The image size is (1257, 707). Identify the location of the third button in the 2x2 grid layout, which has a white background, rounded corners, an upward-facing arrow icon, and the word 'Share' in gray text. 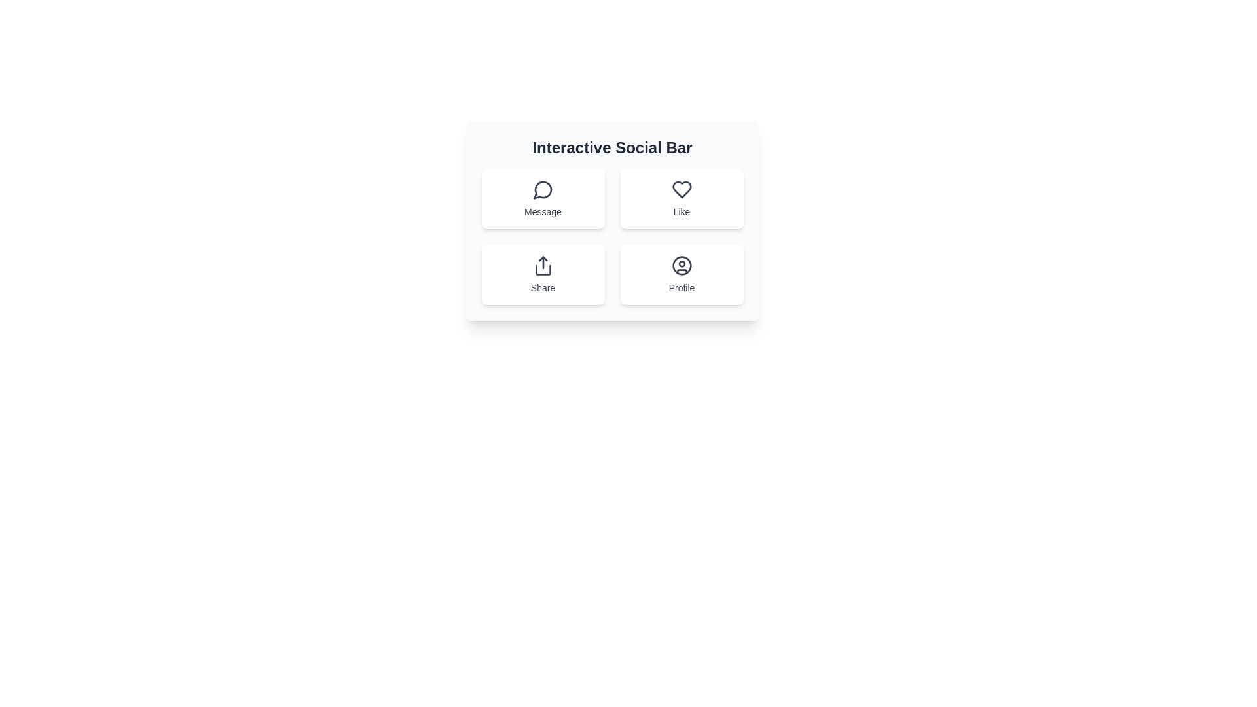
(543, 274).